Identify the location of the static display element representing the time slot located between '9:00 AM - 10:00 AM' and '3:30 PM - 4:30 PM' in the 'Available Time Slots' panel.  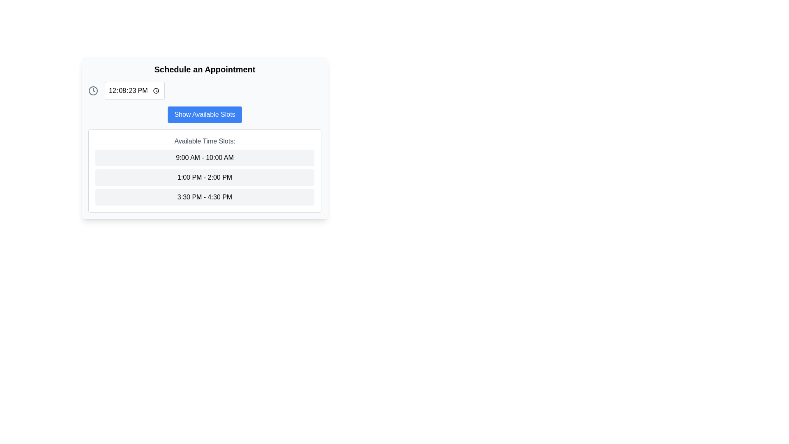
(205, 177).